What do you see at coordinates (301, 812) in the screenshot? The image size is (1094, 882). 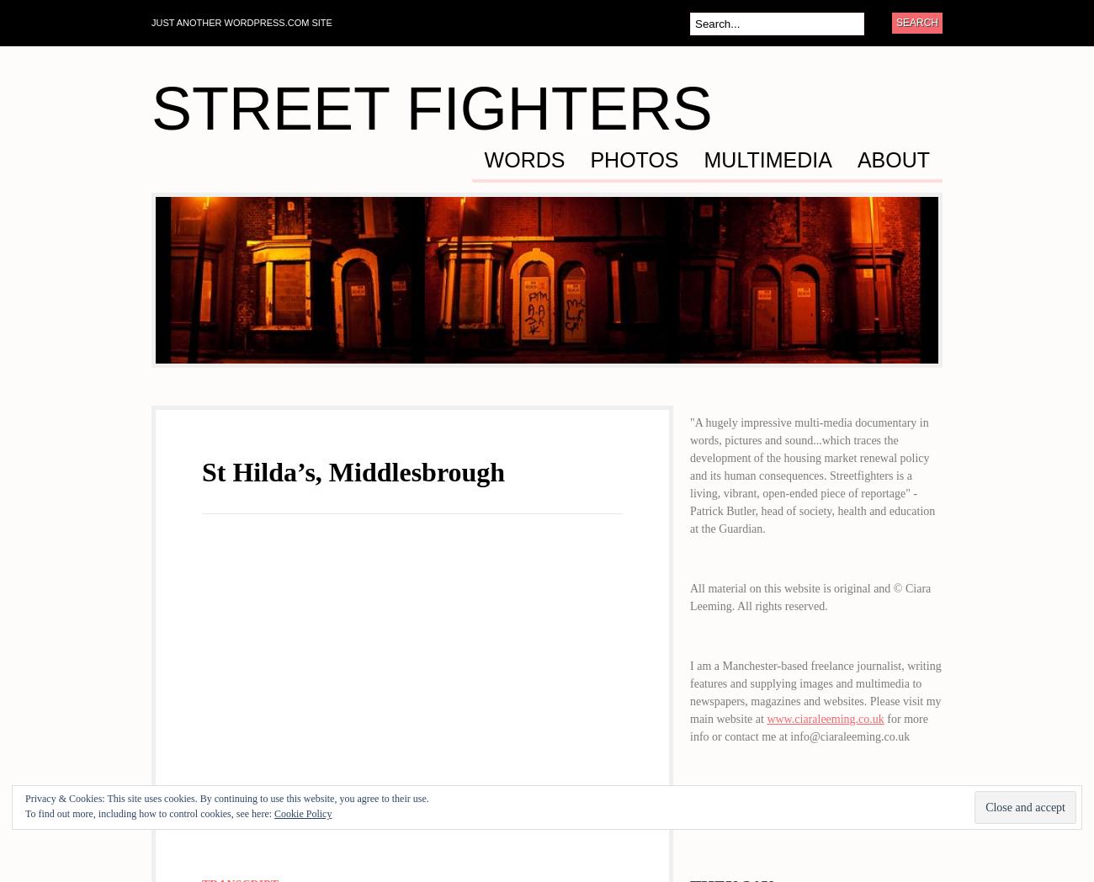 I see `'Cookie Policy'` at bounding box center [301, 812].